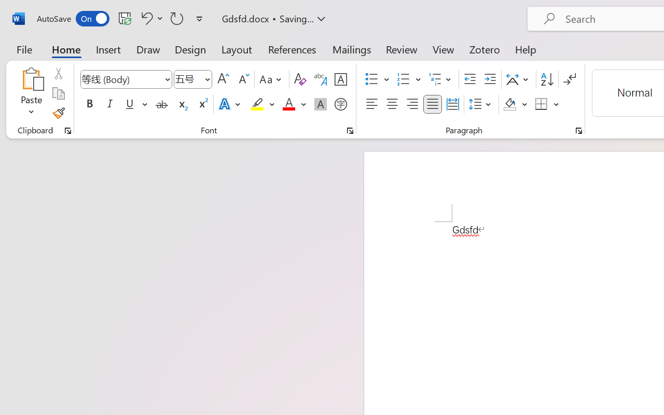  I want to click on 'Multilevel List', so click(441, 79).